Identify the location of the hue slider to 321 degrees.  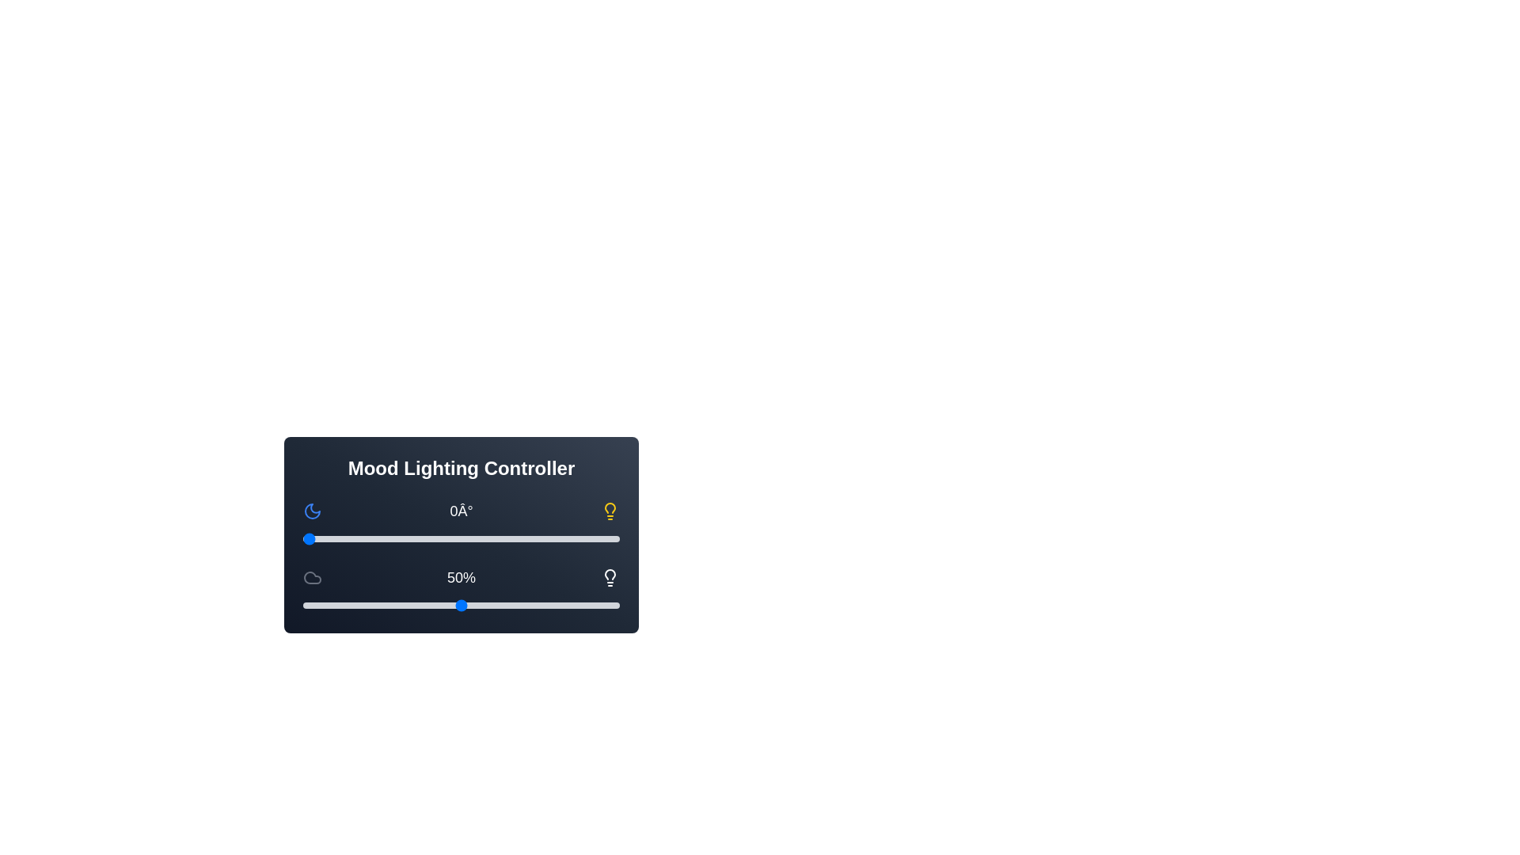
(584, 538).